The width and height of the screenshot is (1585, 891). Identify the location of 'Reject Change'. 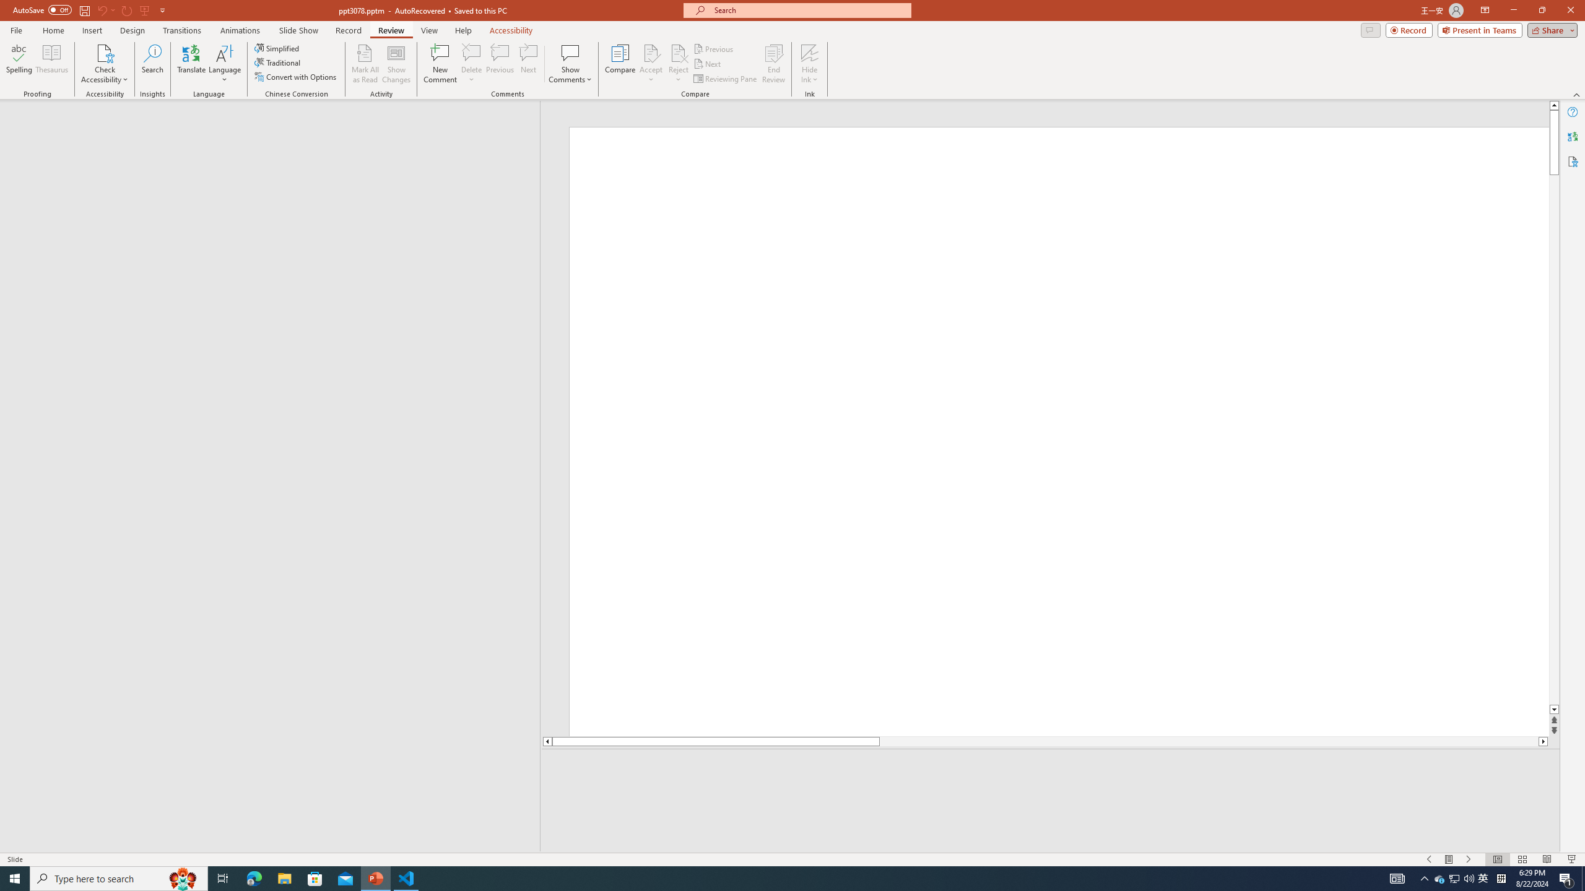
(677, 52).